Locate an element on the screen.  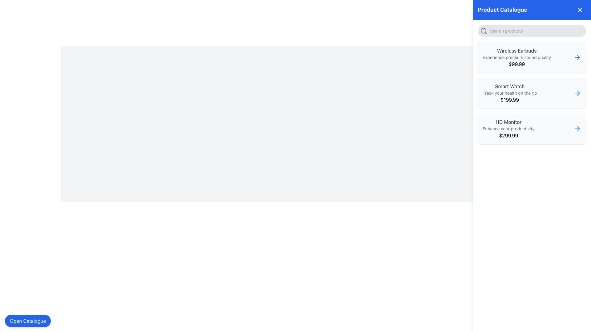
the text label displaying the price '$299.99', which is located below the description 'Enhance your productivity' and aligned to the right within the card is located at coordinates (509, 135).